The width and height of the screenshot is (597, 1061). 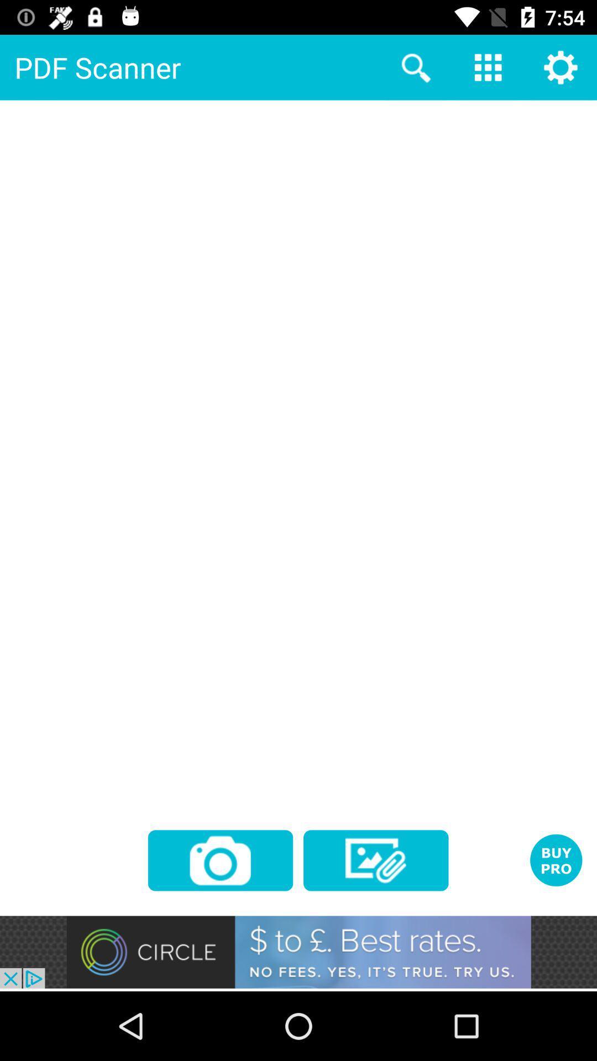 I want to click on buy pro, so click(x=556, y=859).